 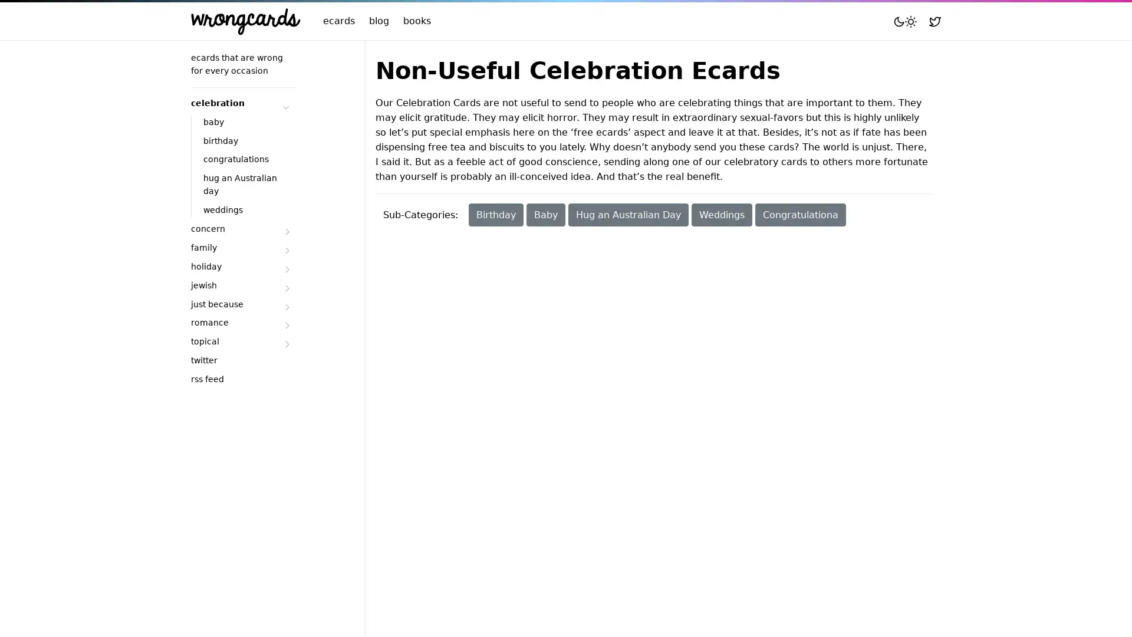 What do you see at coordinates (285, 306) in the screenshot?
I see `Submenu` at bounding box center [285, 306].